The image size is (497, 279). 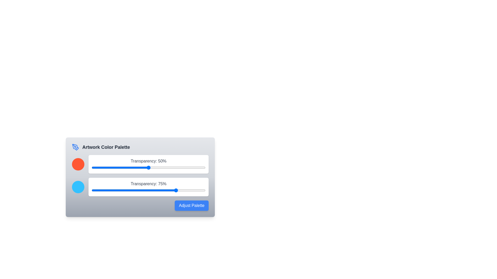 What do you see at coordinates (141, 167) in the screenshot?
I see `the transparency slider for color 1 to 43%` at bounding box center [141, 167].